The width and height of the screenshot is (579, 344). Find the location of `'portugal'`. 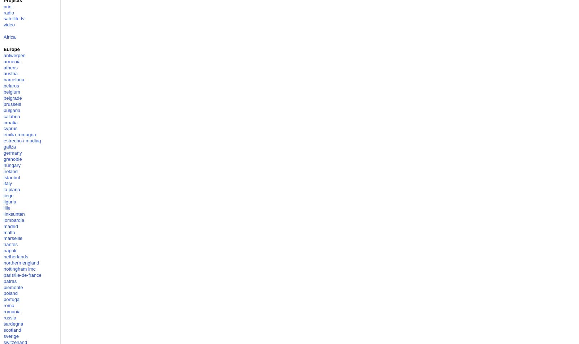

'portugal' is located at coordinates (11, 299).